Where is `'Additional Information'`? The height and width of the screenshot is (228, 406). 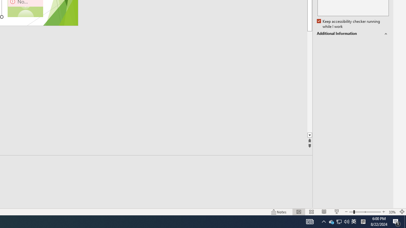 'Additional Information' is located at coordinates (352, 34).